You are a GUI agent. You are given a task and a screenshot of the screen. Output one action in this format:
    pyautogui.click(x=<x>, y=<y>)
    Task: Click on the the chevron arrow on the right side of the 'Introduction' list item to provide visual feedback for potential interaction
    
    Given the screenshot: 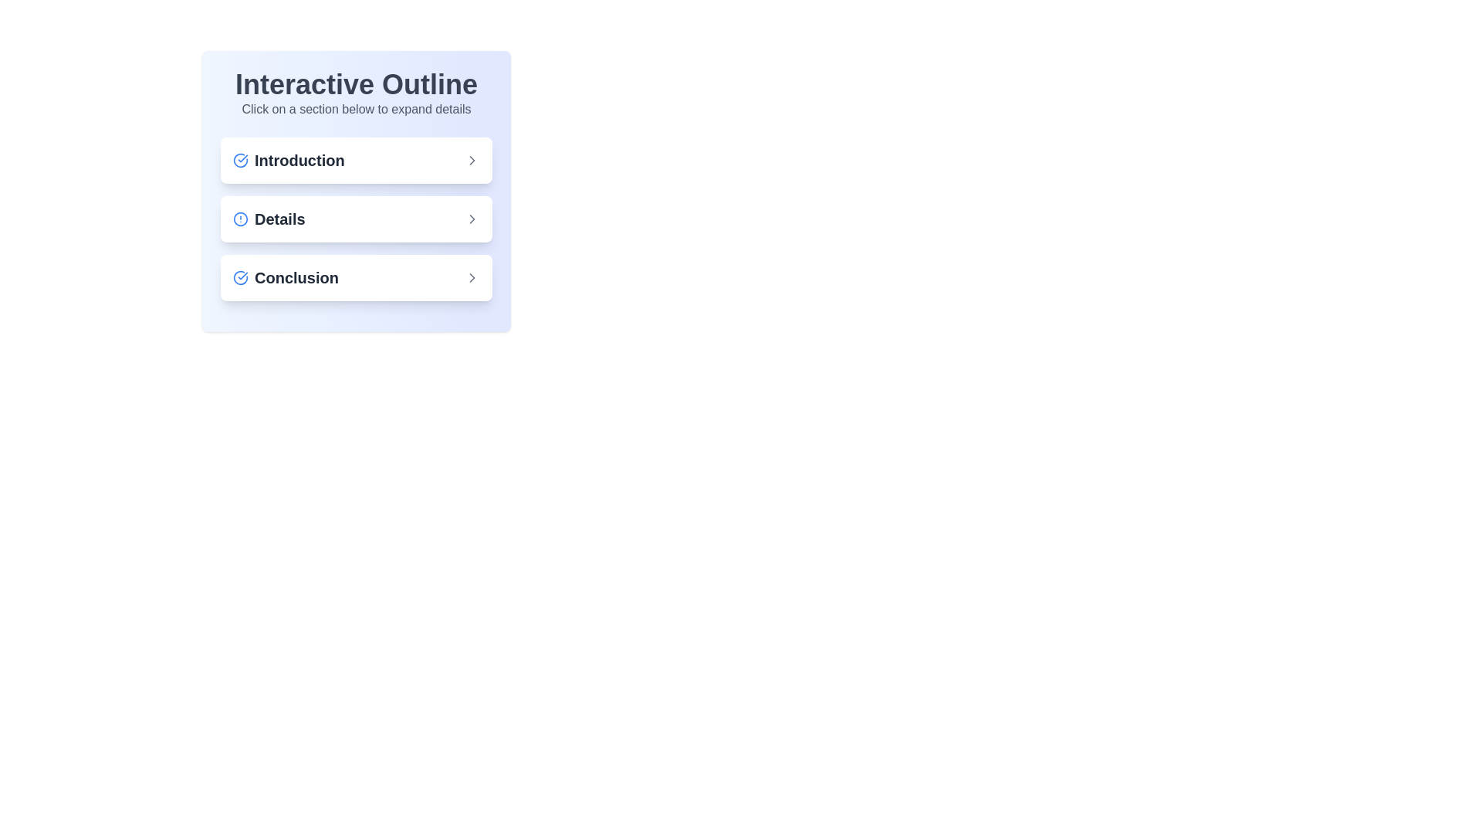 What is the action you would take?
    pyautogui.click(x=471, y=161)
    